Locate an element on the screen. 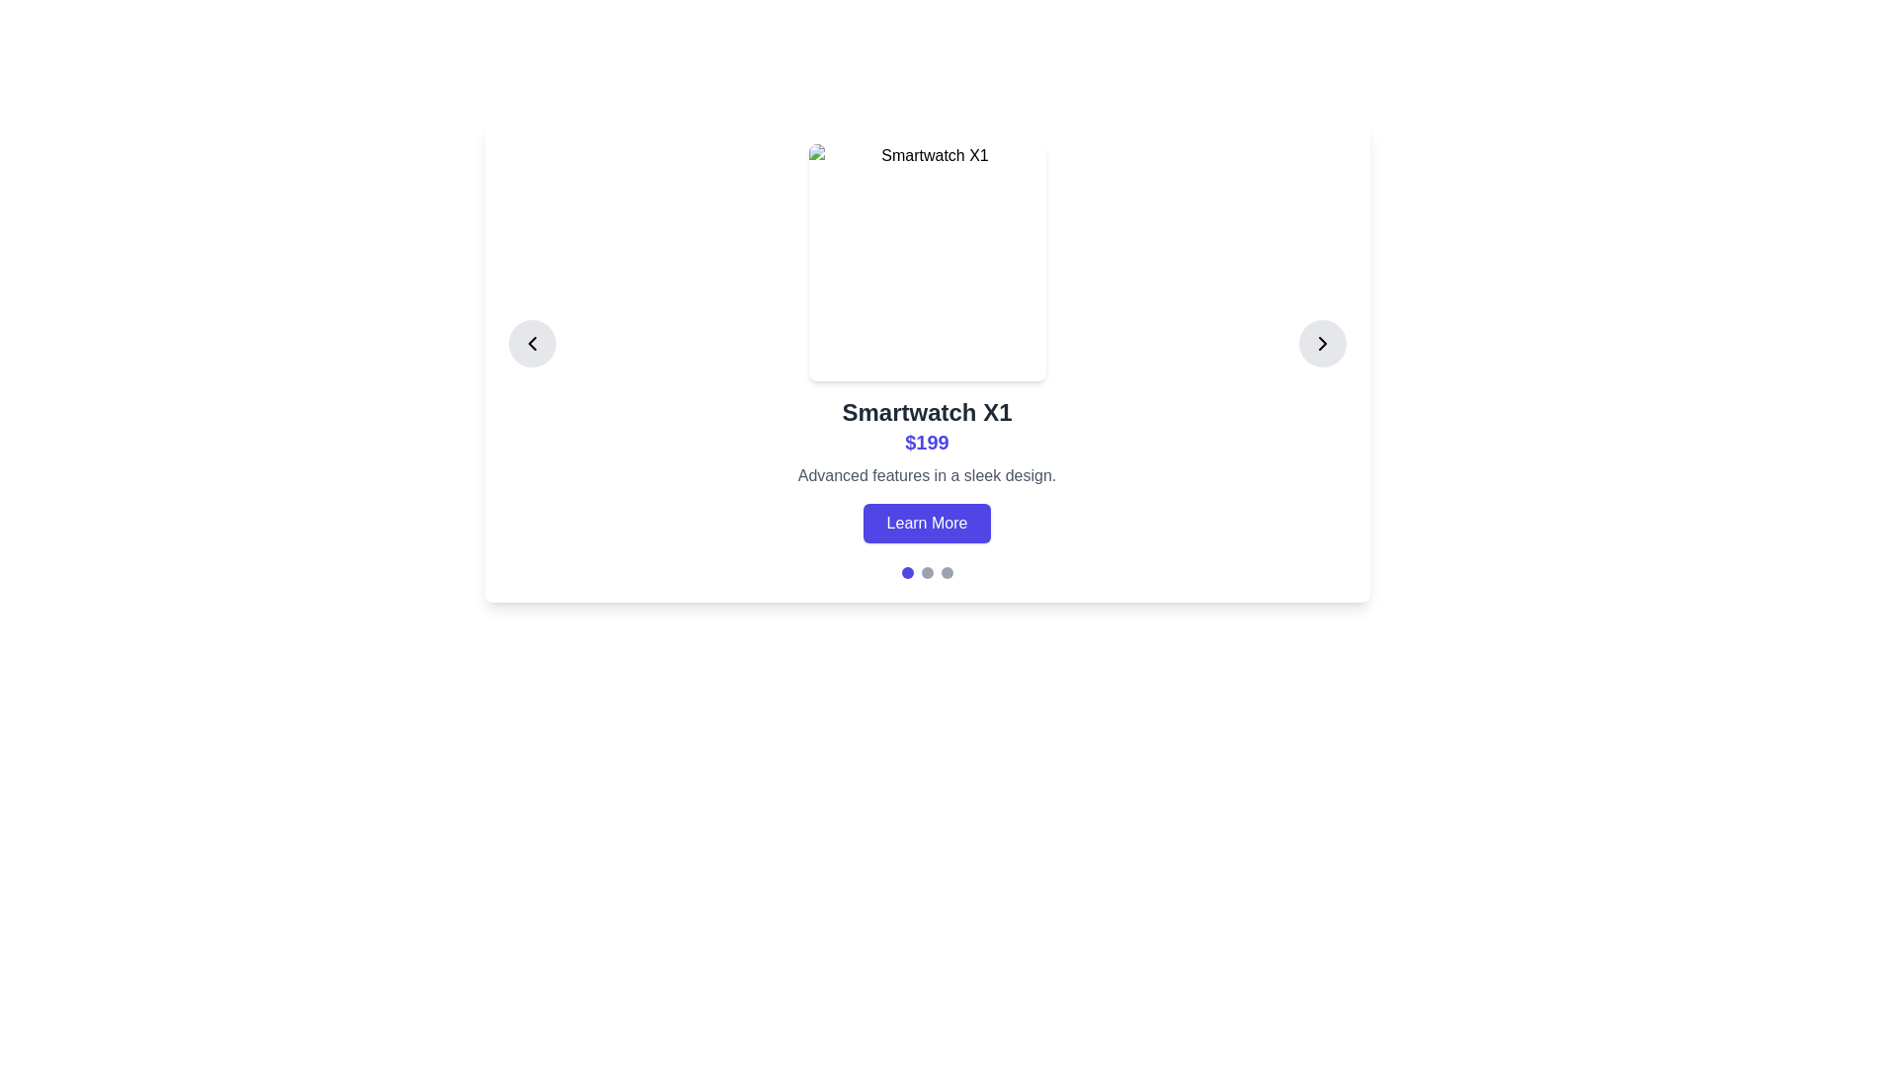 The image size is (1897, 1067). the Call-to-Action button located below the product title 'Smartwatch X1', price '$199', and description text 'Advanced features in a sleek design.' is located at coordinates (926, 522).